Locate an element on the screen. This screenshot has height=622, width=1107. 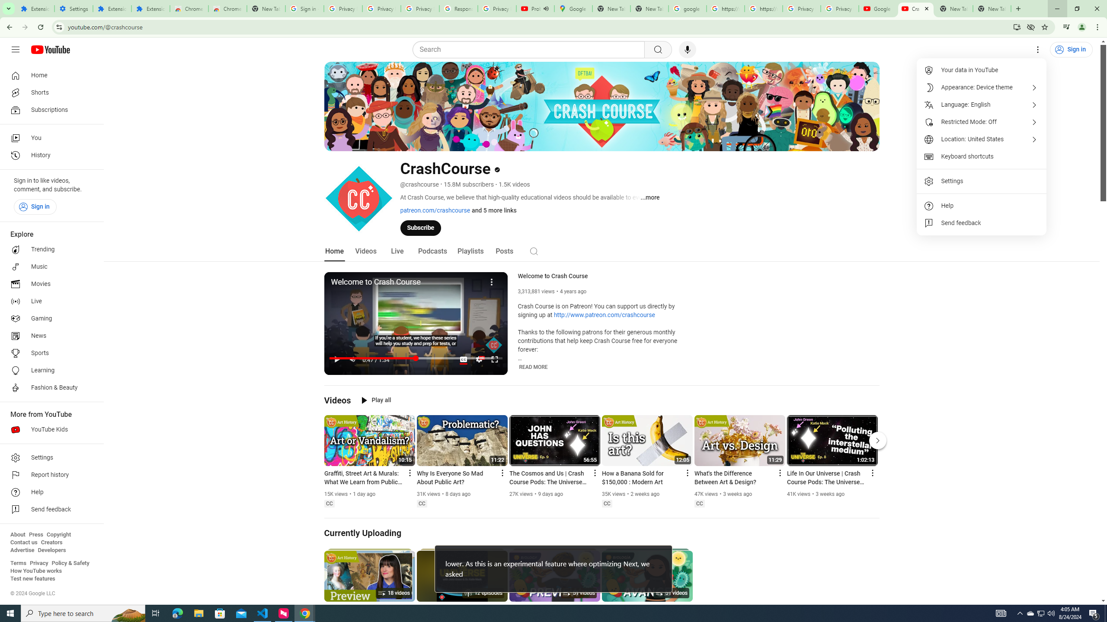
'Install YouTube' is located at coordinates (1017, 26).